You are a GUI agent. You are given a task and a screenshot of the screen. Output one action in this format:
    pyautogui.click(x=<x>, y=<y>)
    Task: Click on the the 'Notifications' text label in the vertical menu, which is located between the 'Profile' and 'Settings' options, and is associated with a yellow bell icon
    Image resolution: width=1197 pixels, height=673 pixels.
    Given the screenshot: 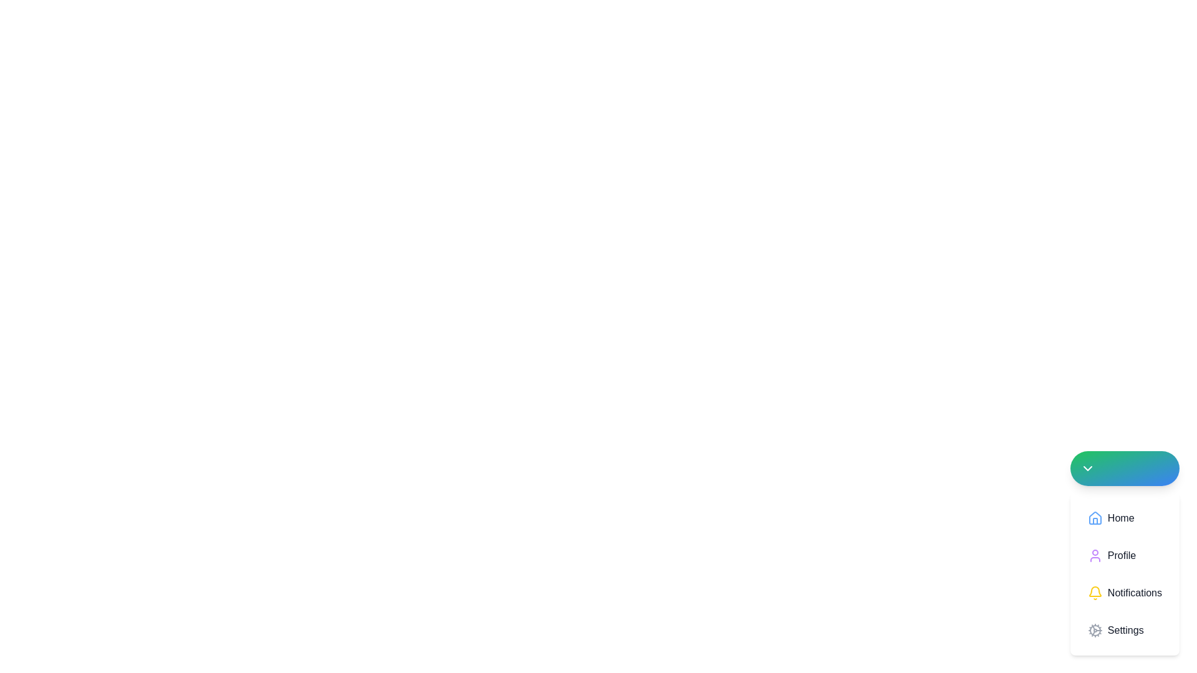 What is the action you would take?
    pyautogui.click(x=1135, y=593)
    